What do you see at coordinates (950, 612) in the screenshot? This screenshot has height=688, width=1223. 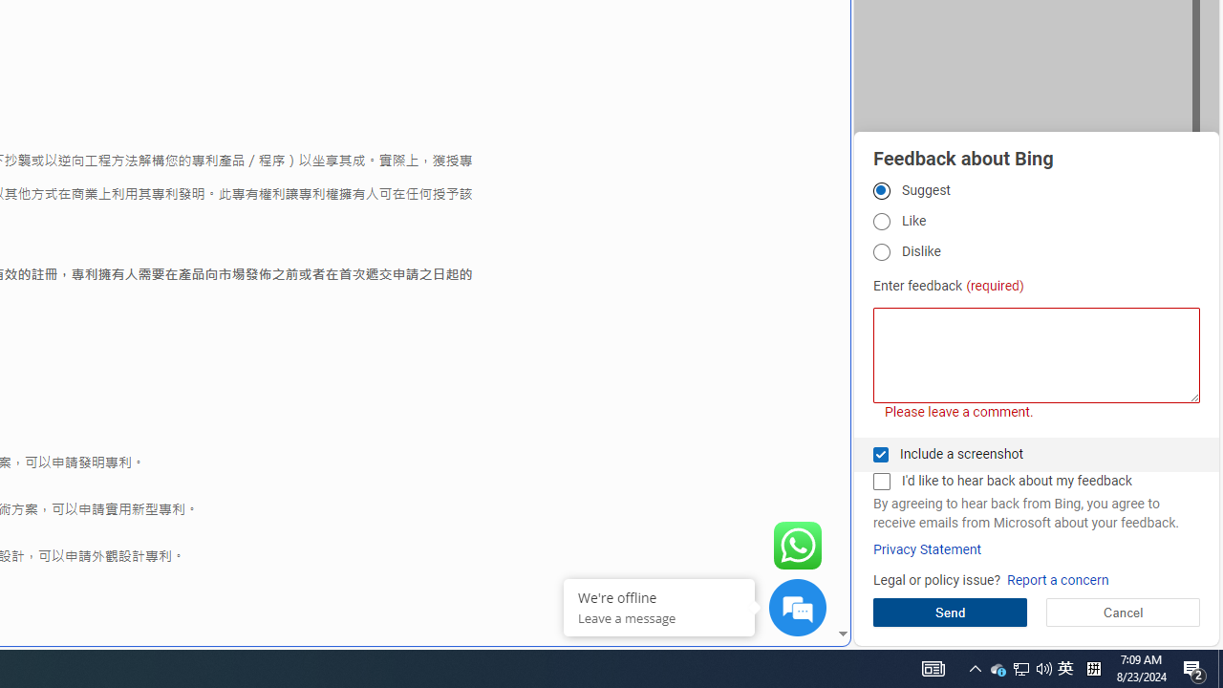 I see `'Send'` at bounding box center [950, 612].